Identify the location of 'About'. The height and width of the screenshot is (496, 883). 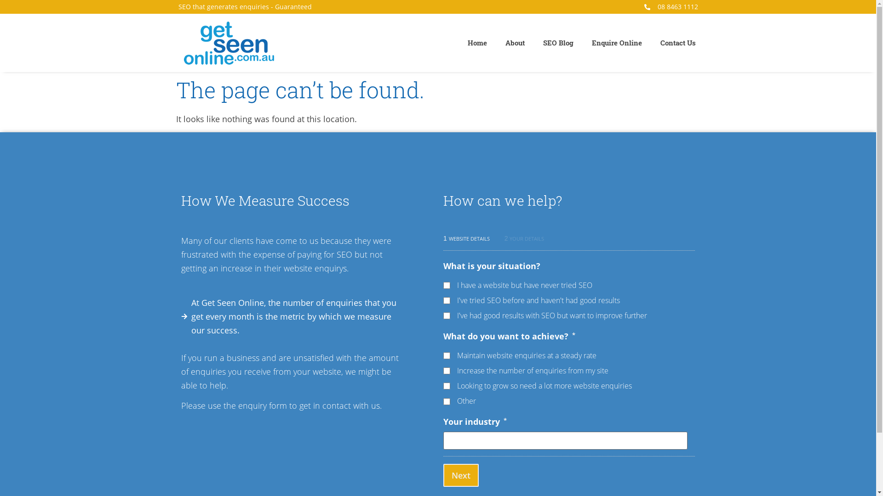
(514, 43).